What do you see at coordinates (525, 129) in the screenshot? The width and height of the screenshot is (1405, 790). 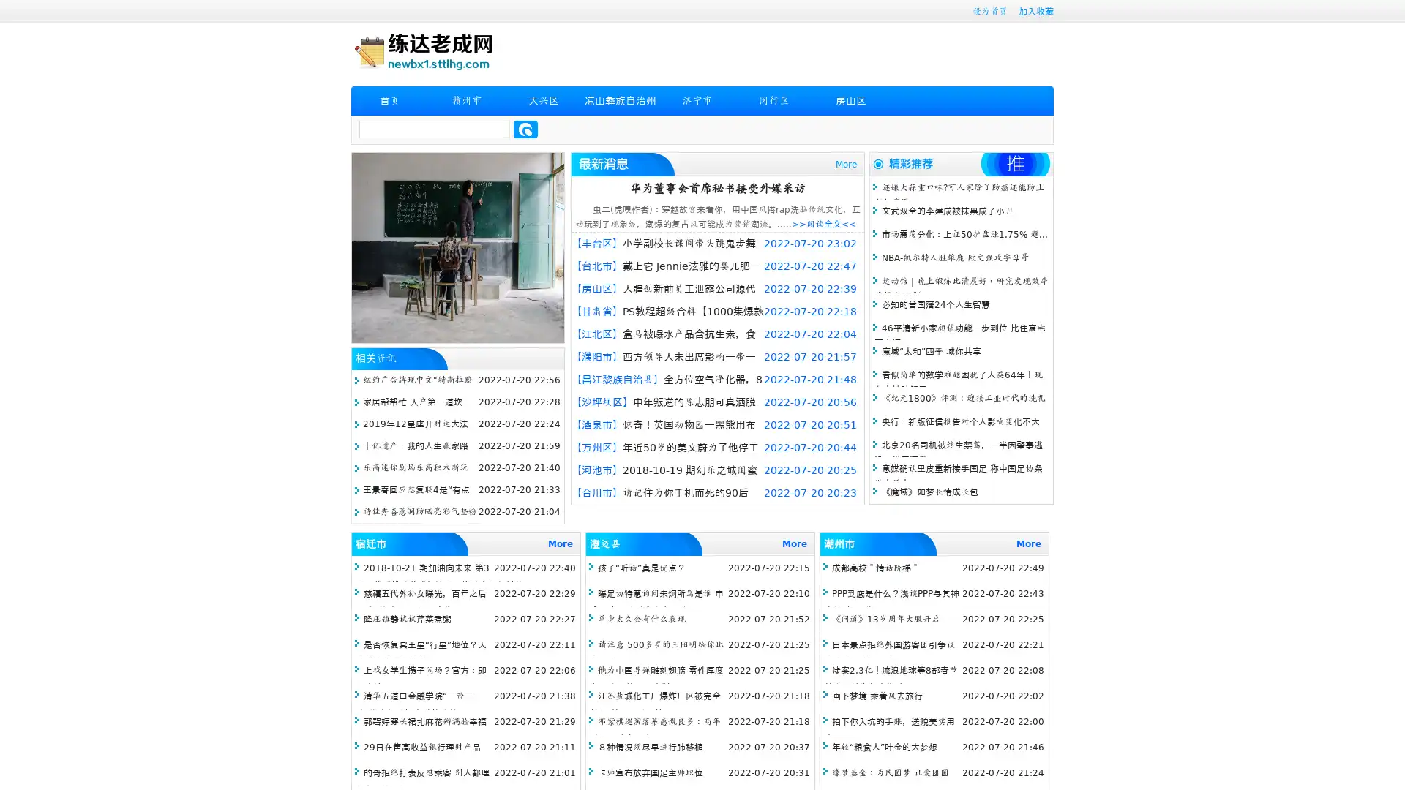 I see `Search` at bounding box center [525, 129].